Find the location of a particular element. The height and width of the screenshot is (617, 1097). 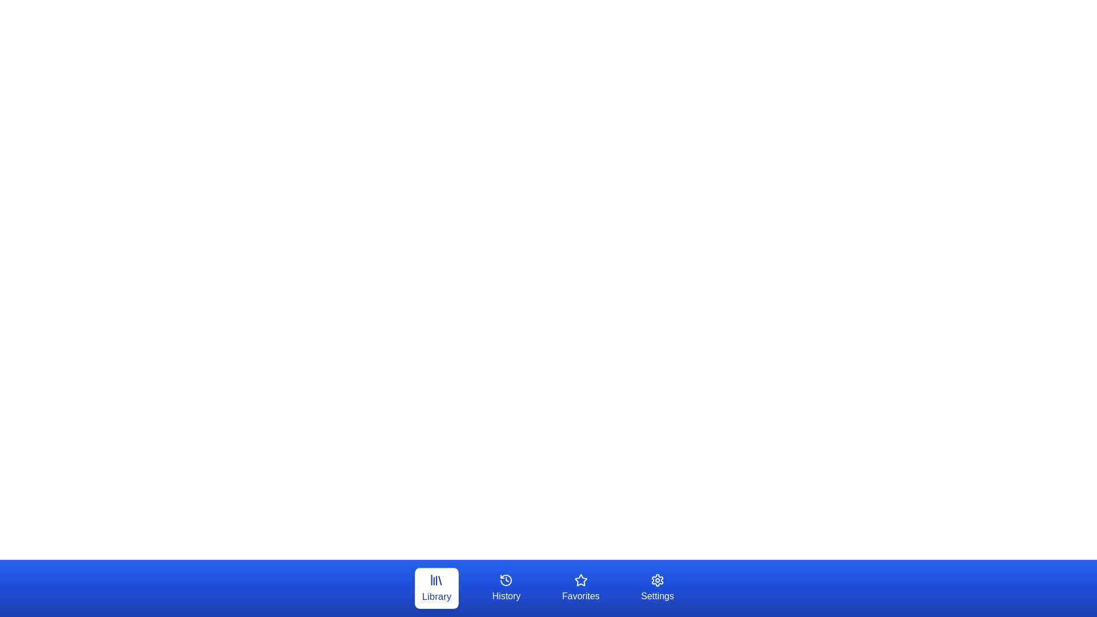

the button labeled Library is located at coordinates (436, 588).